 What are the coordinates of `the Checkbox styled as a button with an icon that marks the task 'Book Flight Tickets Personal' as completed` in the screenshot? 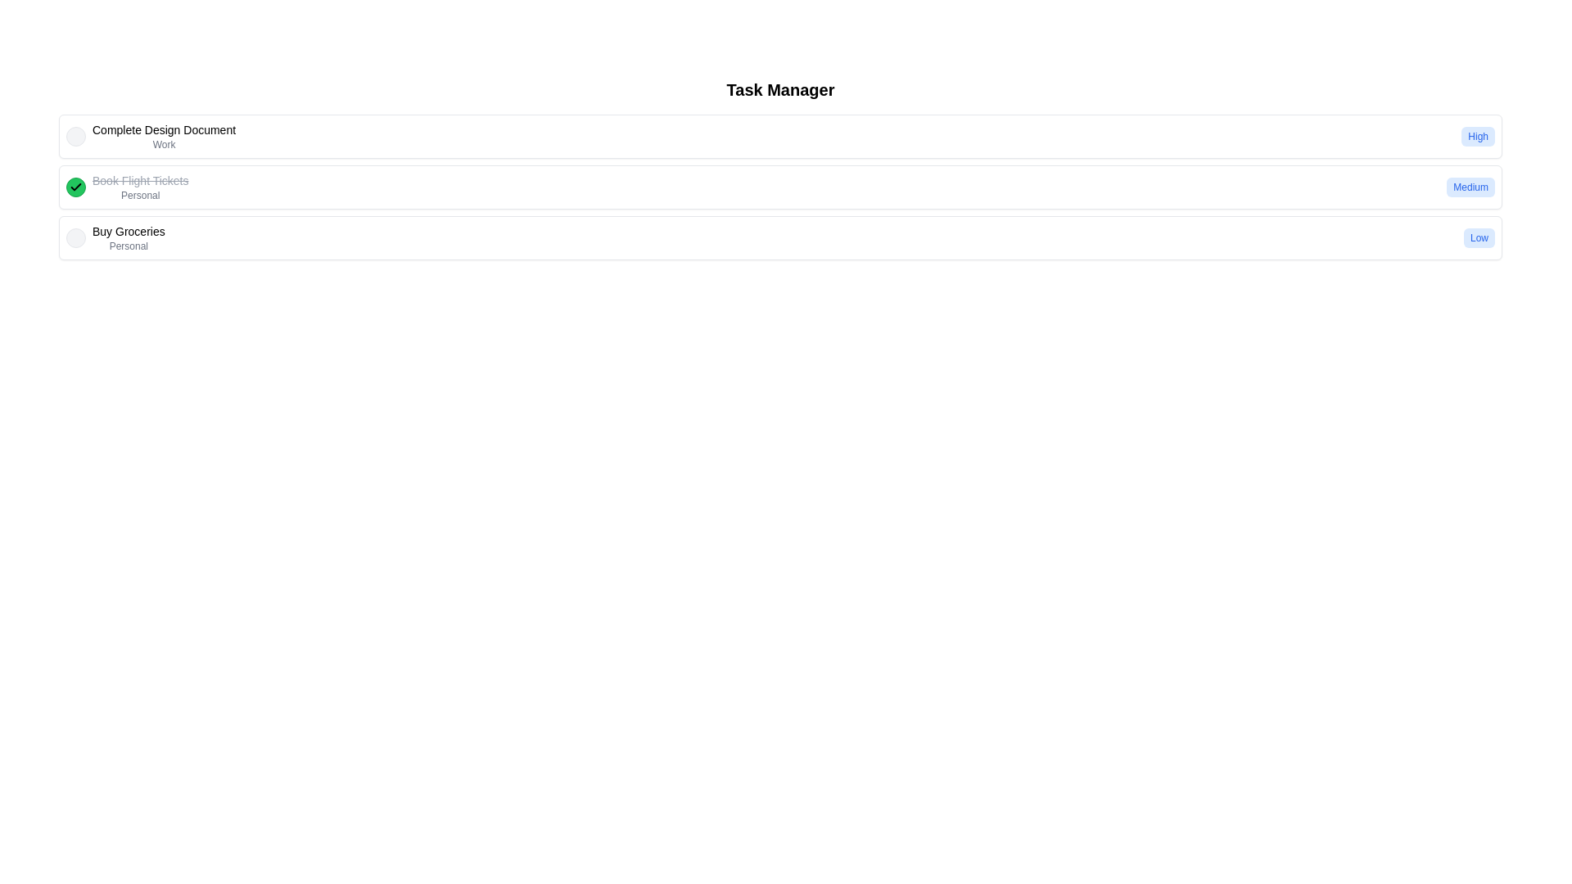 It's located at (75, 186).